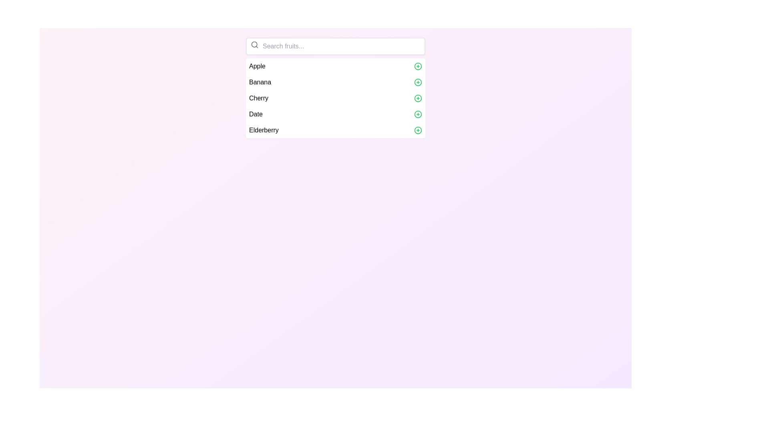 This screenshot has width=769, height=432. What do you see at coordinates (336, 88) in the screenshot?
I see `the list item labeled 'Banana'` at bounding box center [336, 88].